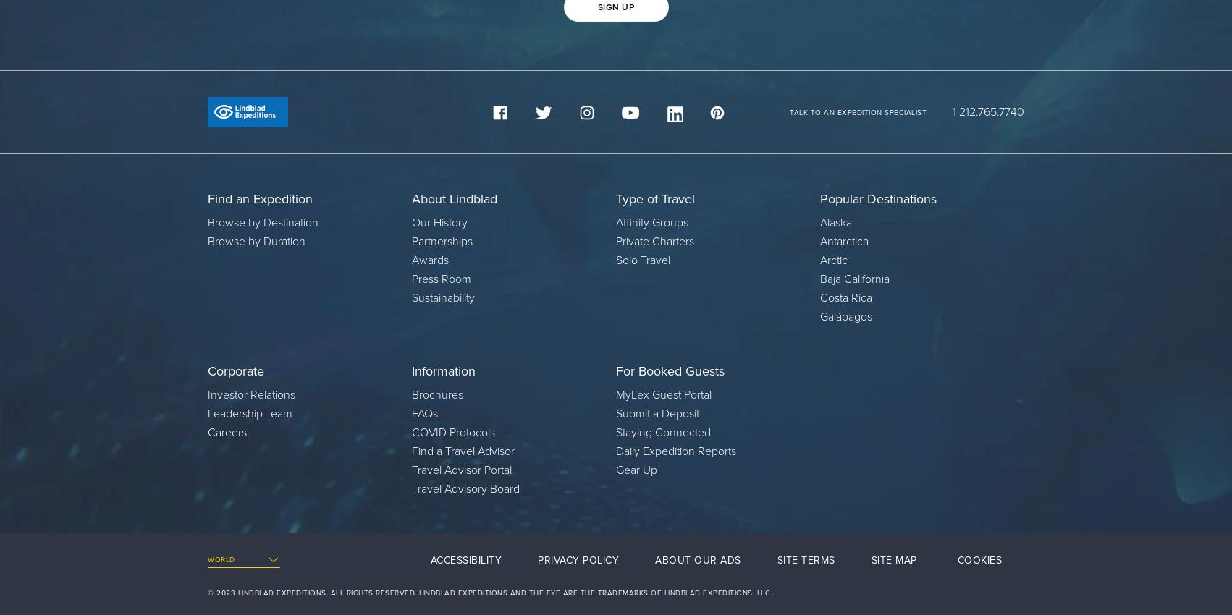 The image size is (1232, 615). I want to click on 'Travel Advisor Portal', so click(462, 470).